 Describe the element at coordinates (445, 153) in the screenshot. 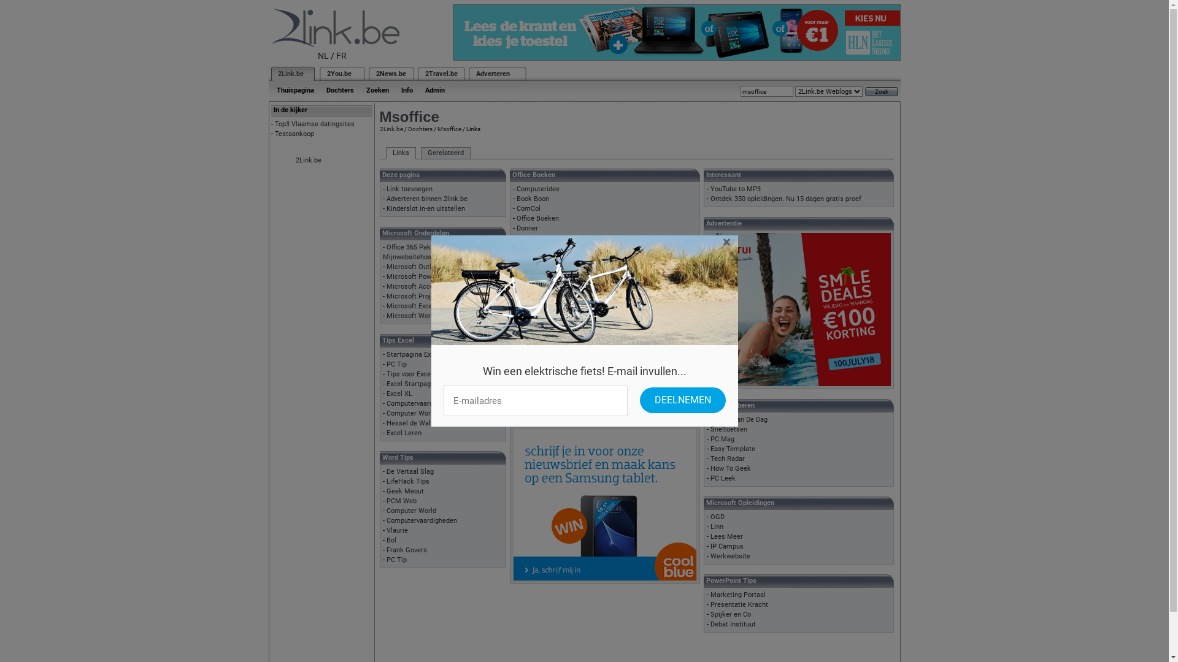

I see `'Gerelateerd'` at that location.